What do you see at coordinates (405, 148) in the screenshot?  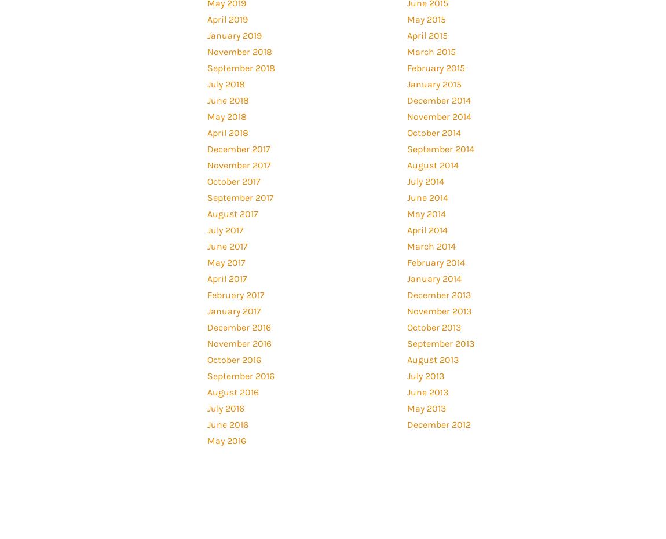 I see `'September 2014'` at bounding box center [405, 148].